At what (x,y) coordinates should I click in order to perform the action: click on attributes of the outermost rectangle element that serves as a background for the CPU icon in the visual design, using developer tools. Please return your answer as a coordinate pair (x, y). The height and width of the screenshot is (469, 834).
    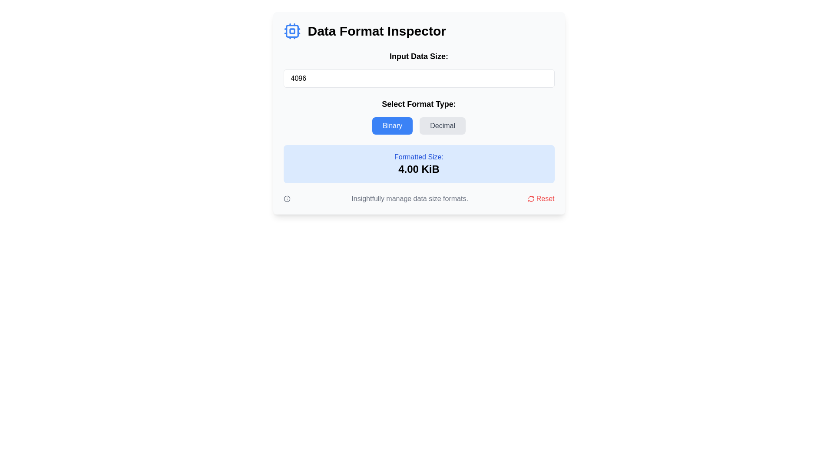
    Looking at the image, I should click on (292, 31).